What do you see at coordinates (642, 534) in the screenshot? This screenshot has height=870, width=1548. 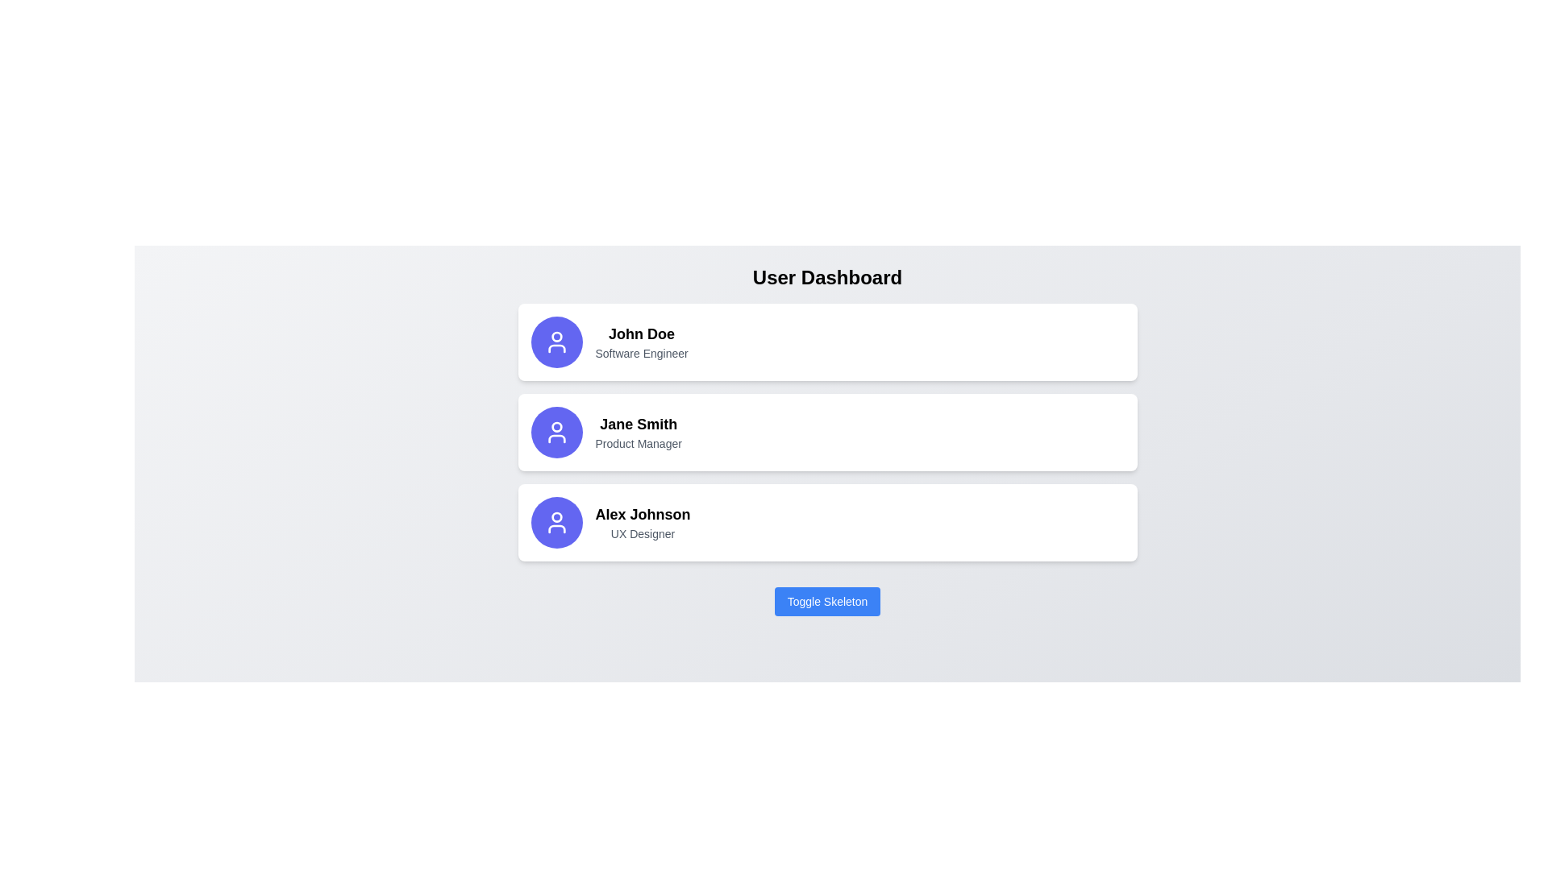 I see `on the text label displaying 'UX Designer', which is positioned below 'Alex Johnson' in the user card on the dashboard` at bounding box center [642, 534].